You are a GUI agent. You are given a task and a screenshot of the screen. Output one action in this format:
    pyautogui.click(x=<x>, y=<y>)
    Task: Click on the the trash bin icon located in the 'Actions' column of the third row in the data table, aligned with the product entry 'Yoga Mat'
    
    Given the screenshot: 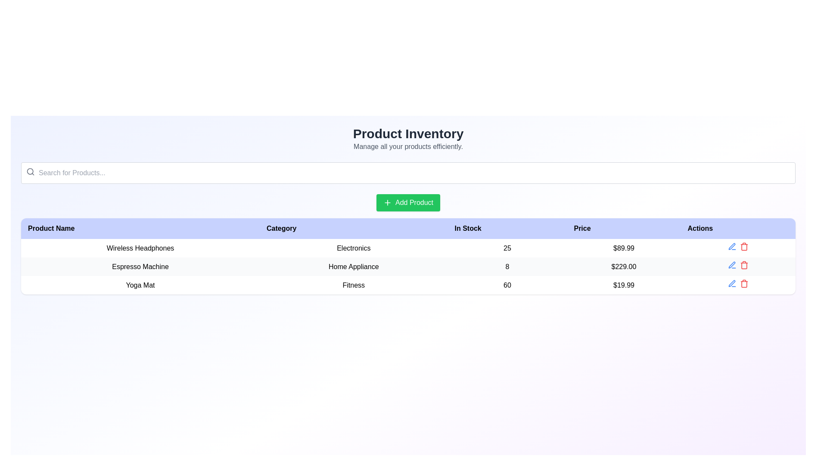 What is the action you would take?
    pyautogui.click(x=743, y=247)
    